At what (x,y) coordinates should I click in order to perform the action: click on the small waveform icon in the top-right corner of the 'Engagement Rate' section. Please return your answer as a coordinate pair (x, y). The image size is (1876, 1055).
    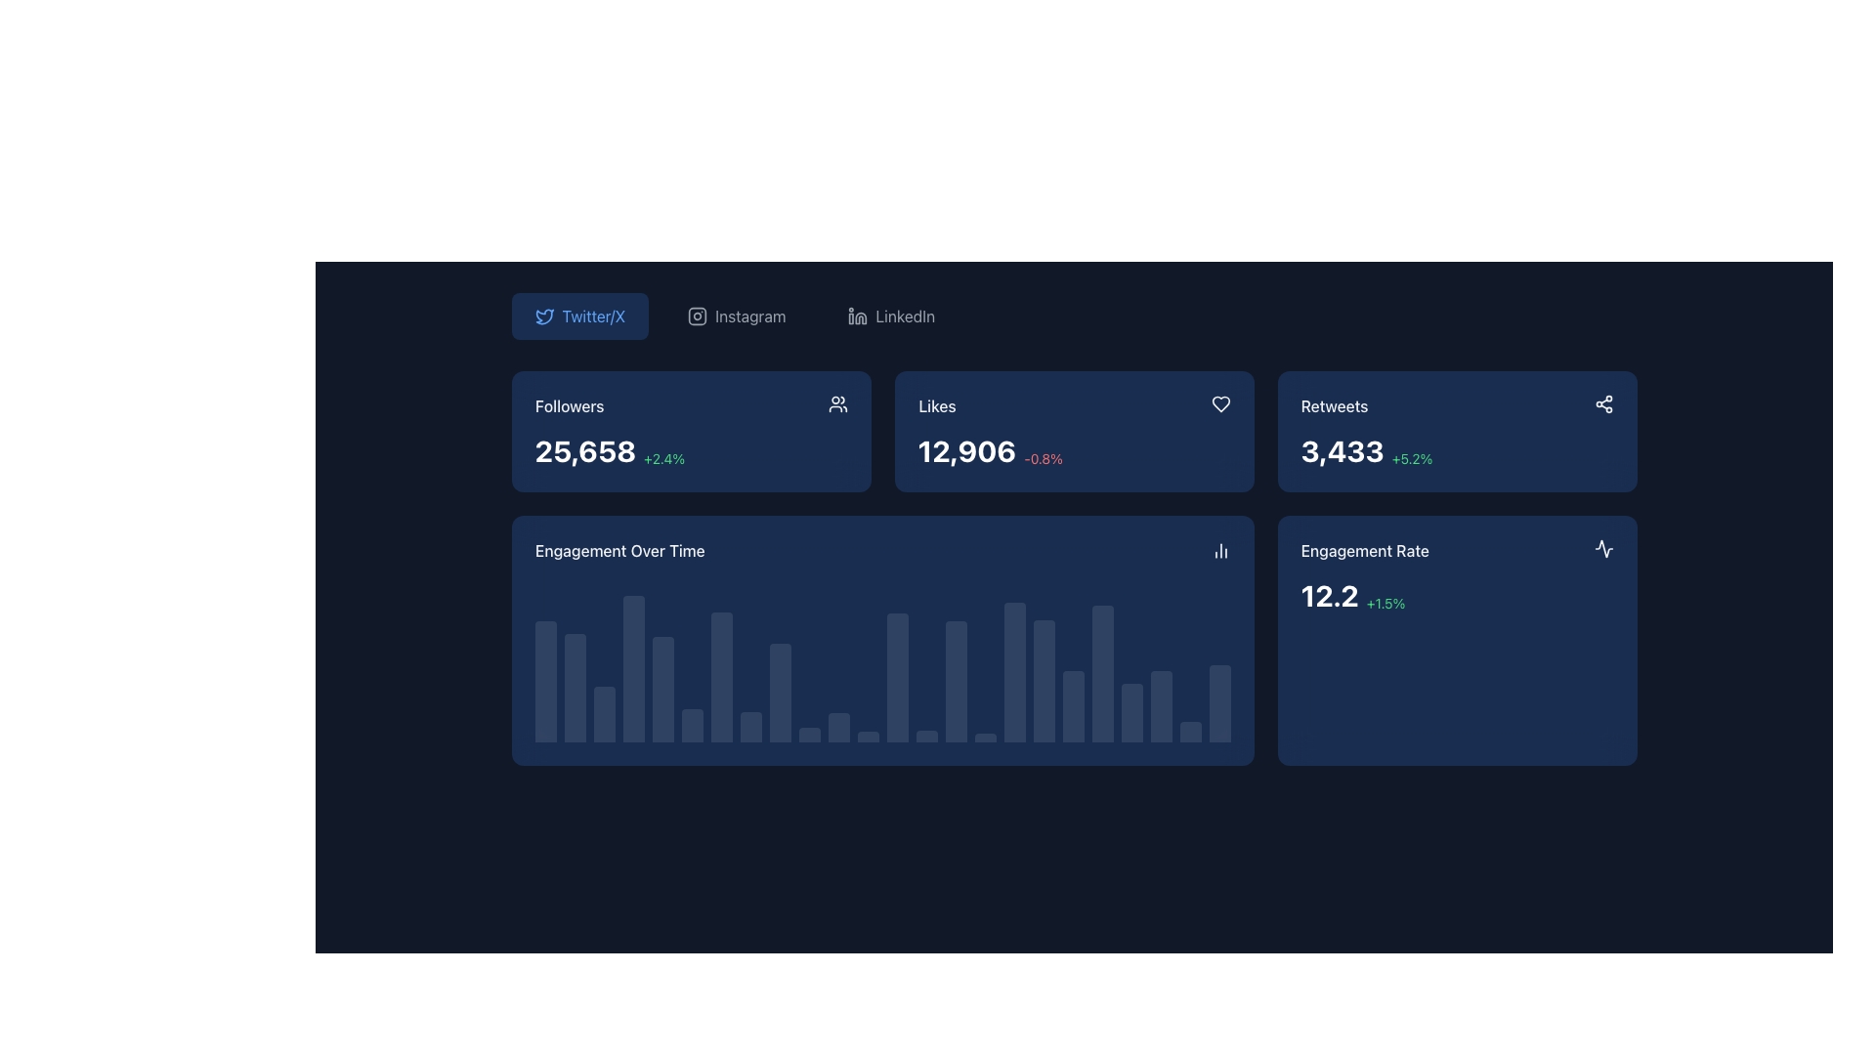
    Looking at the image, I should click on (1603, 549).